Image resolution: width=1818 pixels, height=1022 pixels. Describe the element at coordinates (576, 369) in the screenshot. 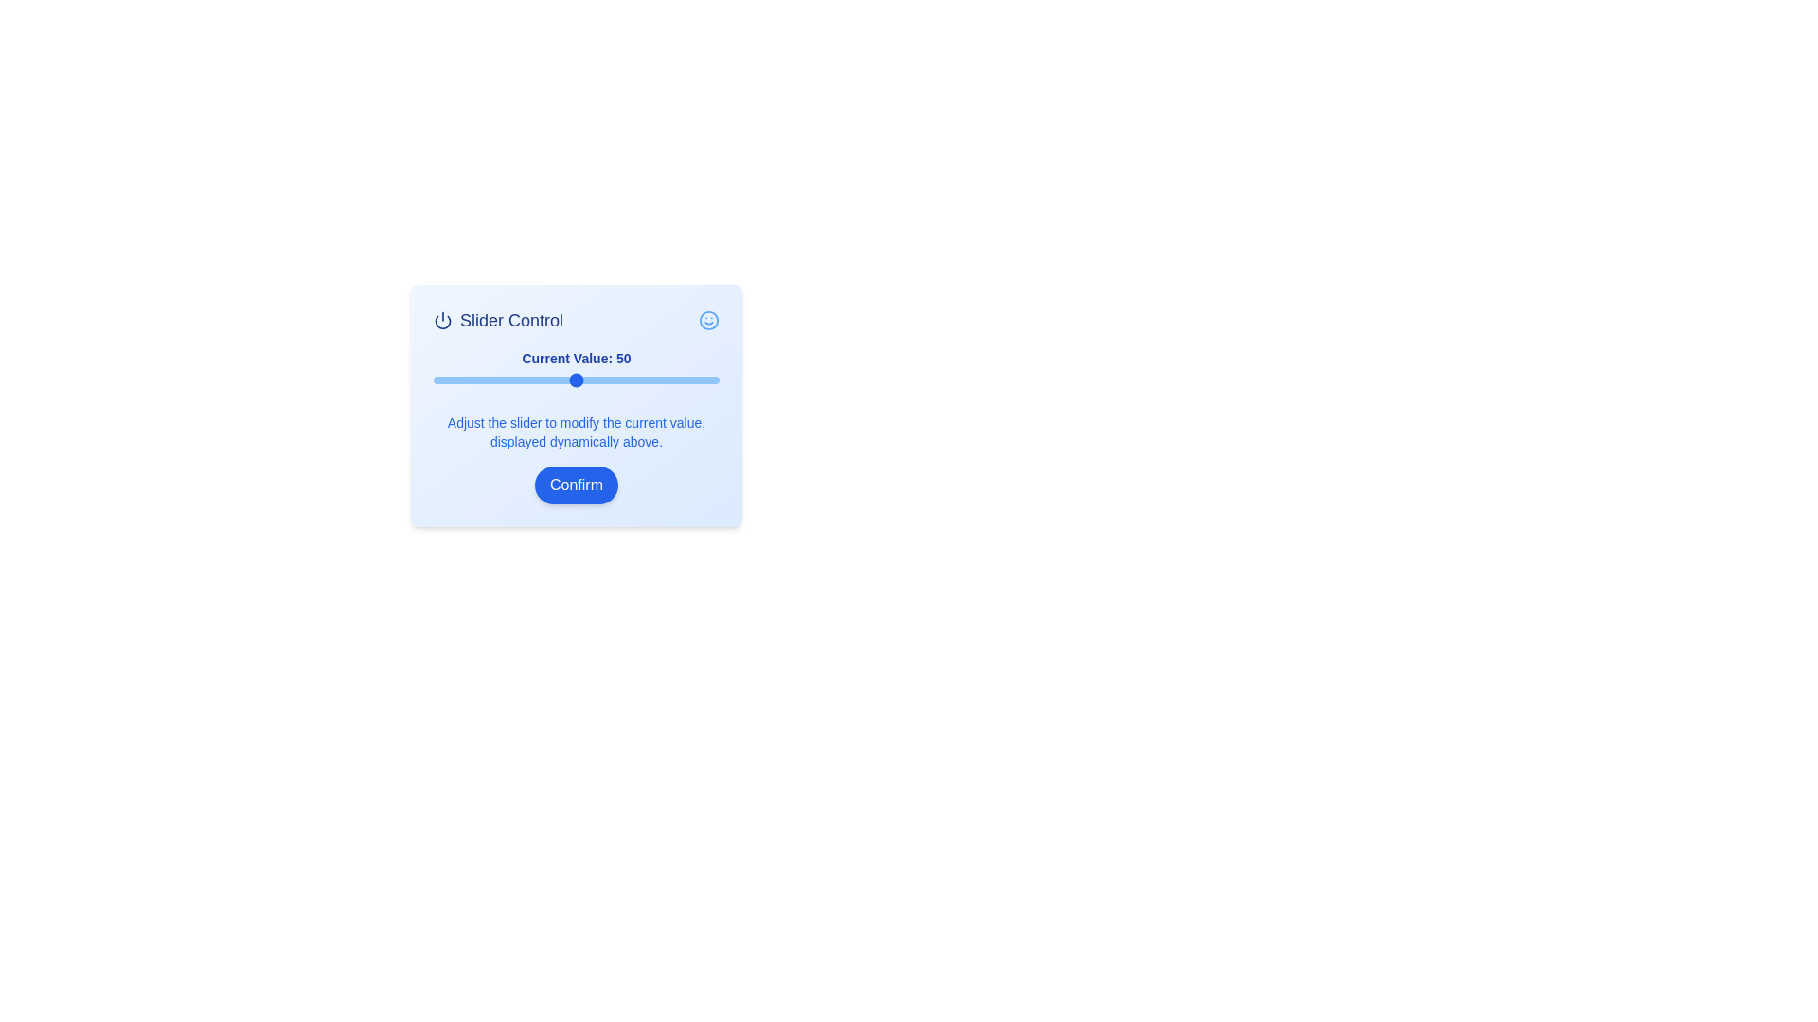

I see `the slider handle of the control labeled 'Current Value: 50'` at that location.